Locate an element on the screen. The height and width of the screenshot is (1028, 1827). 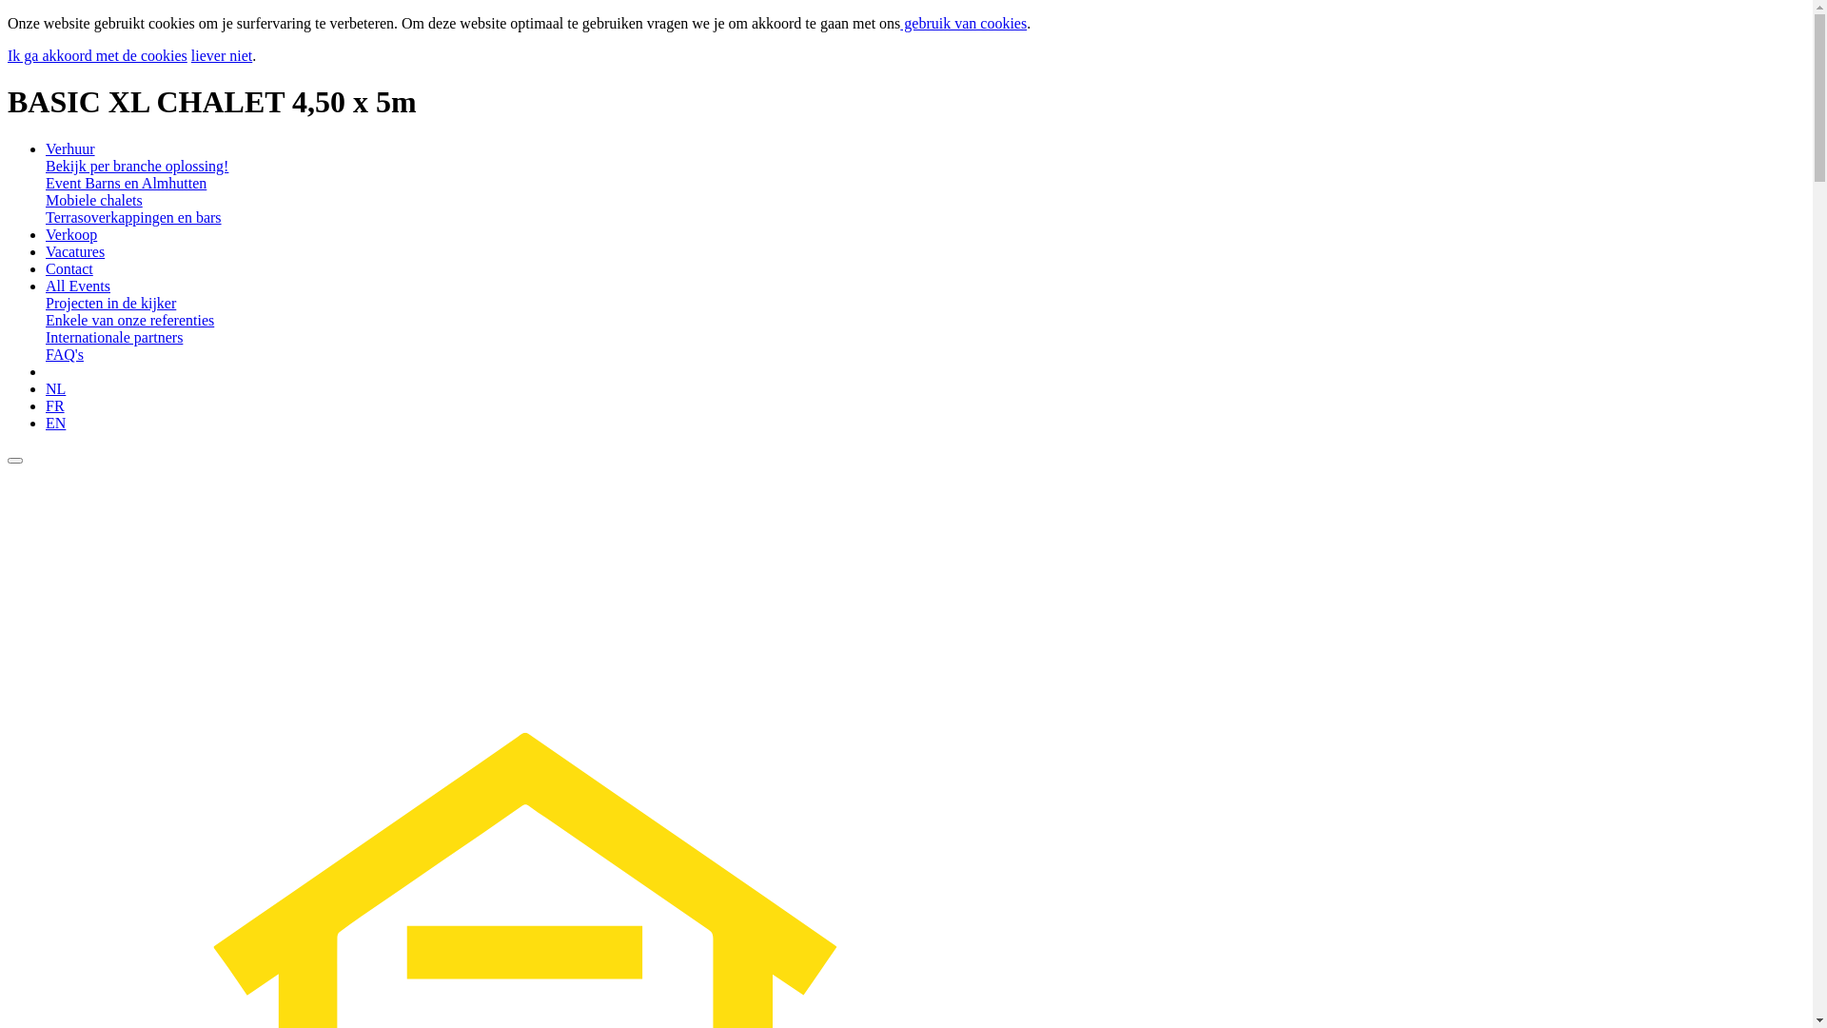
'FAQ's' is located at coordinates (46, 354).